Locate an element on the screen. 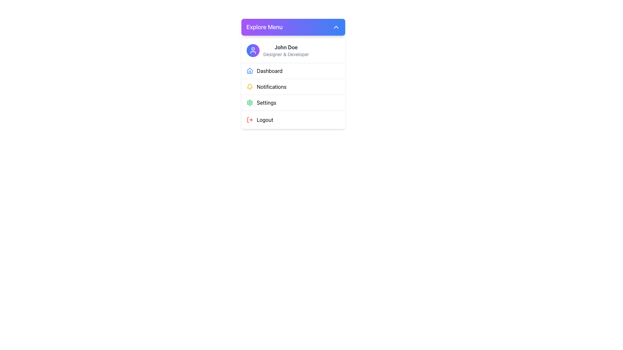 The image size is (623, 350). the settings gear icon located to the left of the 'Settings' text in the dropdown list is located at coordinates (249, 102).